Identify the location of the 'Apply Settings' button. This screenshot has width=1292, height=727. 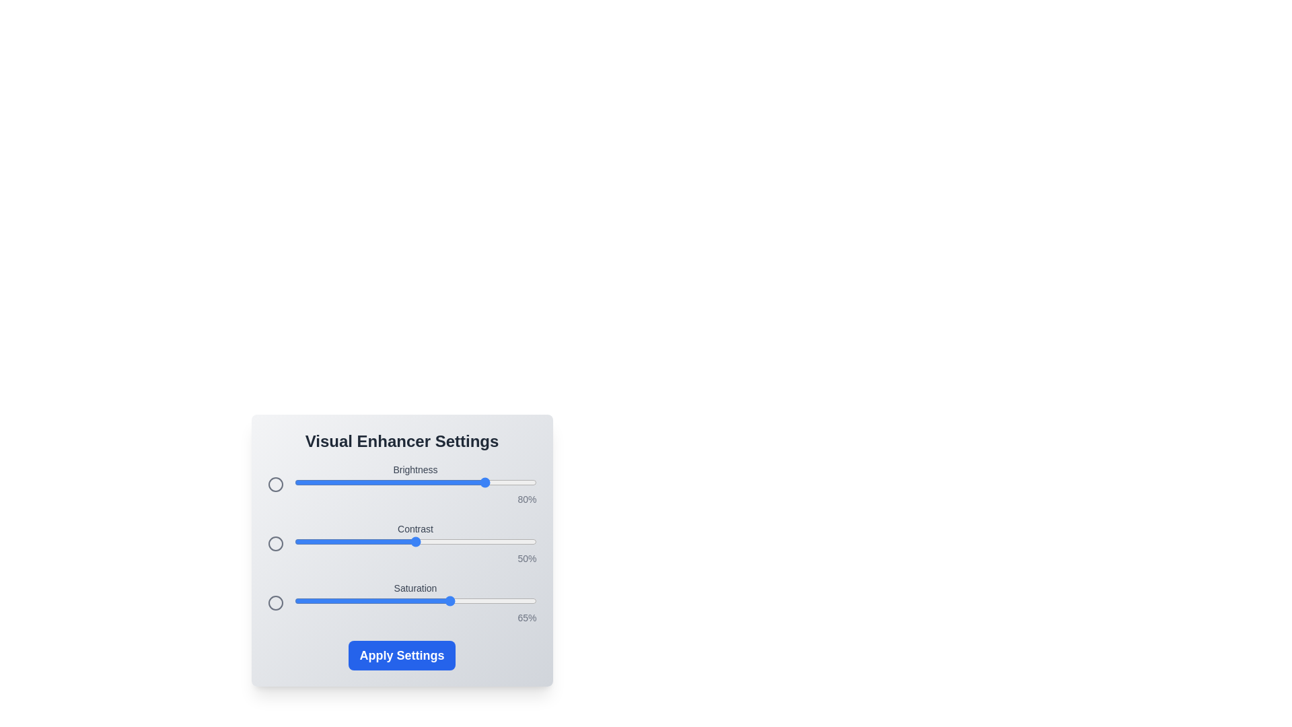
(401, 655).